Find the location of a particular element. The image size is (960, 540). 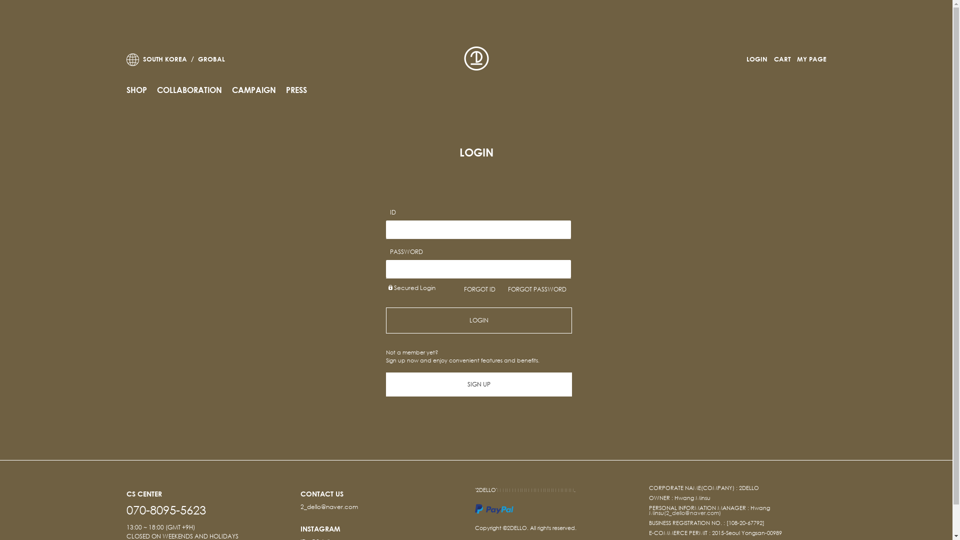

'SHOP' is located at coordinates (135, 90).